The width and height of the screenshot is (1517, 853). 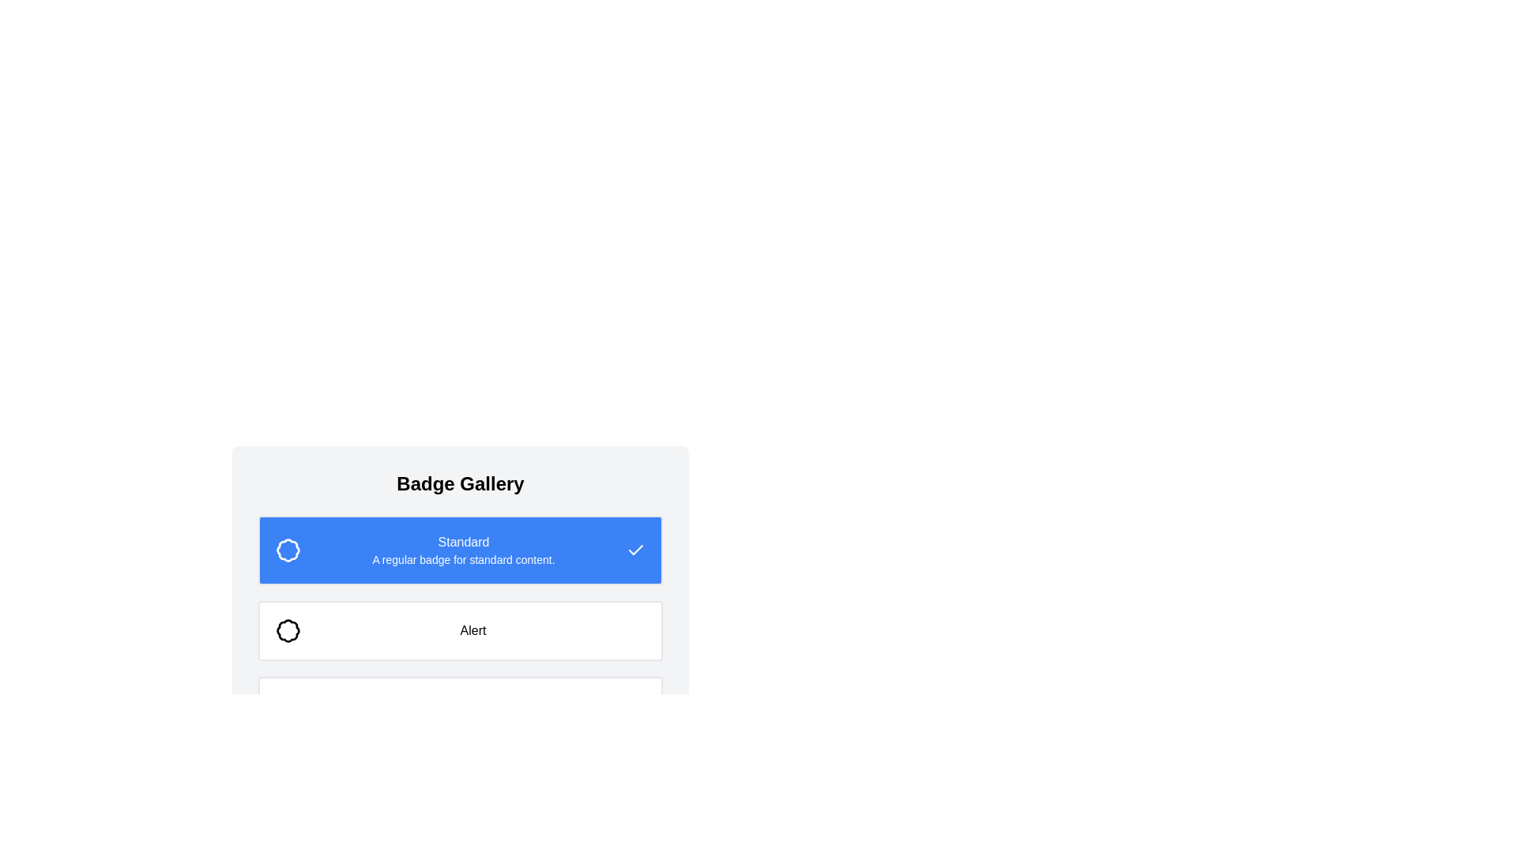 I want to click on the alert icon located on the left side of the 'Alert' row to trigger a tooltip or effect, so click(x=288, y=629).